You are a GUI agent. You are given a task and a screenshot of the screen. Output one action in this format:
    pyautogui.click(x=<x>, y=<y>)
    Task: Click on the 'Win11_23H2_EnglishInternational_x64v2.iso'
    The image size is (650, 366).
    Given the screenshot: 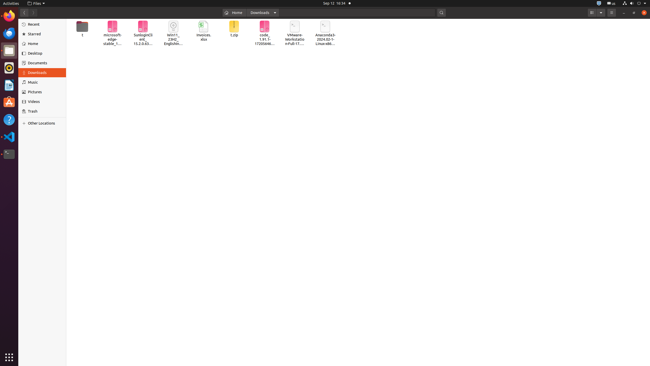 What is the action you would take?
    pyautogui.click(x=173, y=33)
    